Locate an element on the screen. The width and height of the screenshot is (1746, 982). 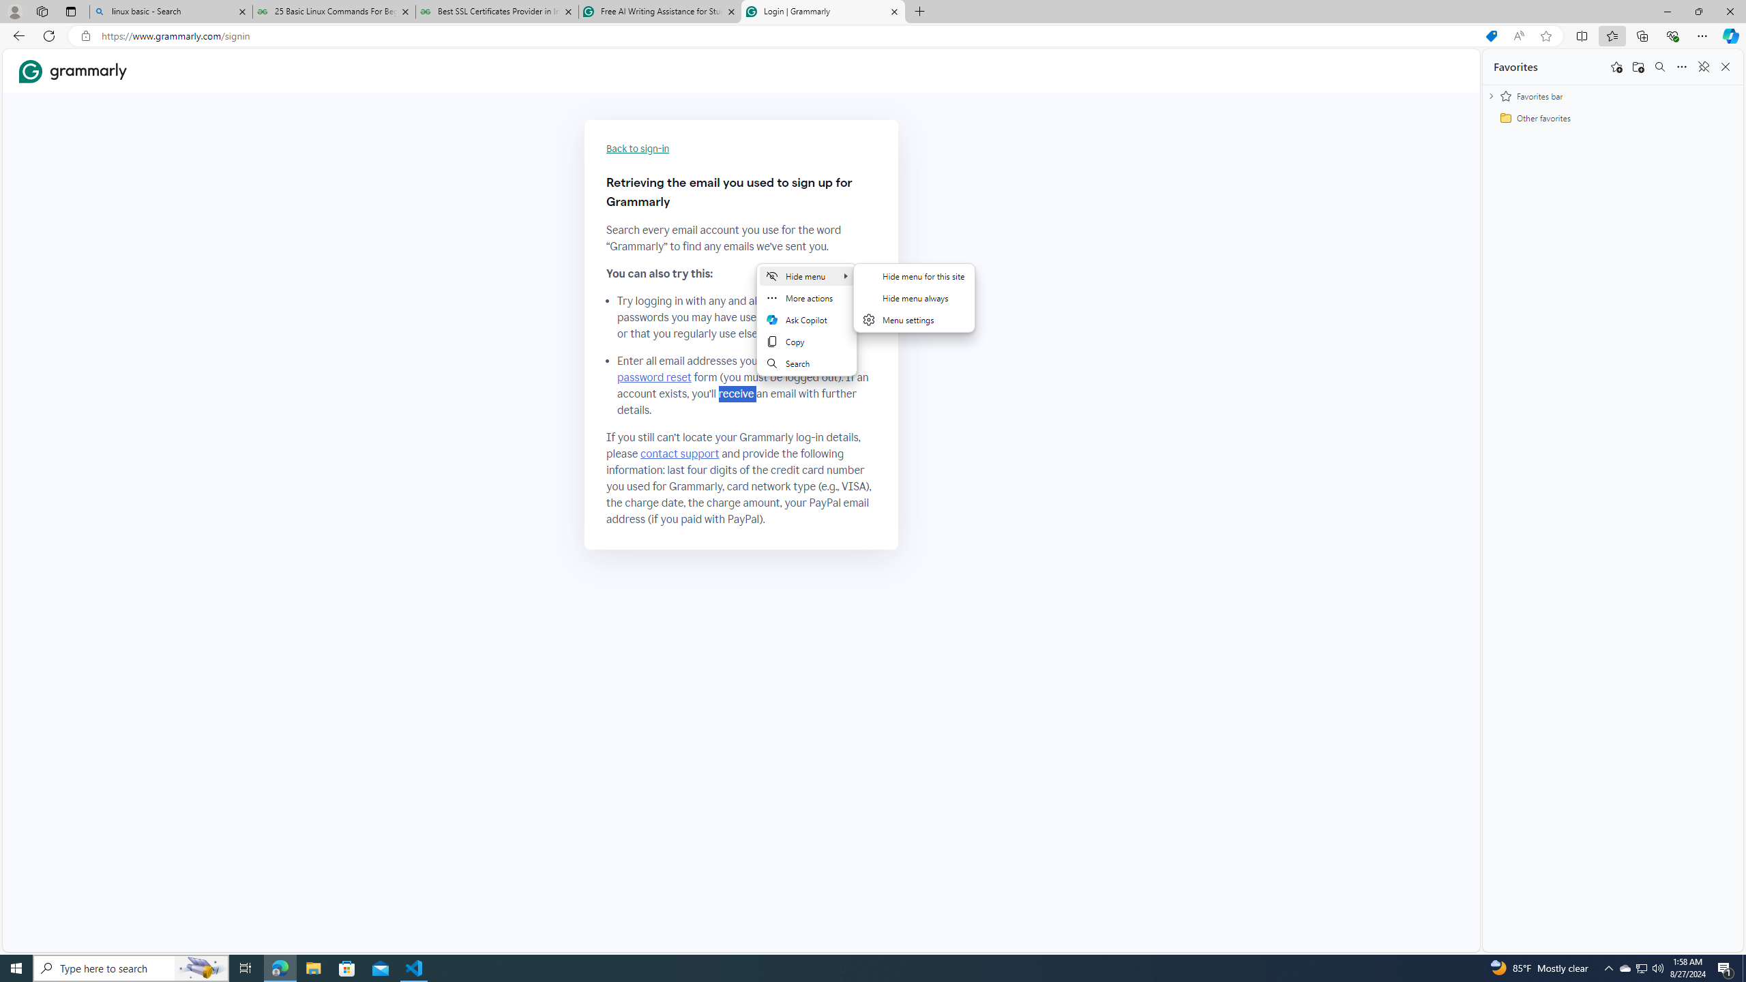
'Unpin favorites' is located at coordinates (1702, 65).